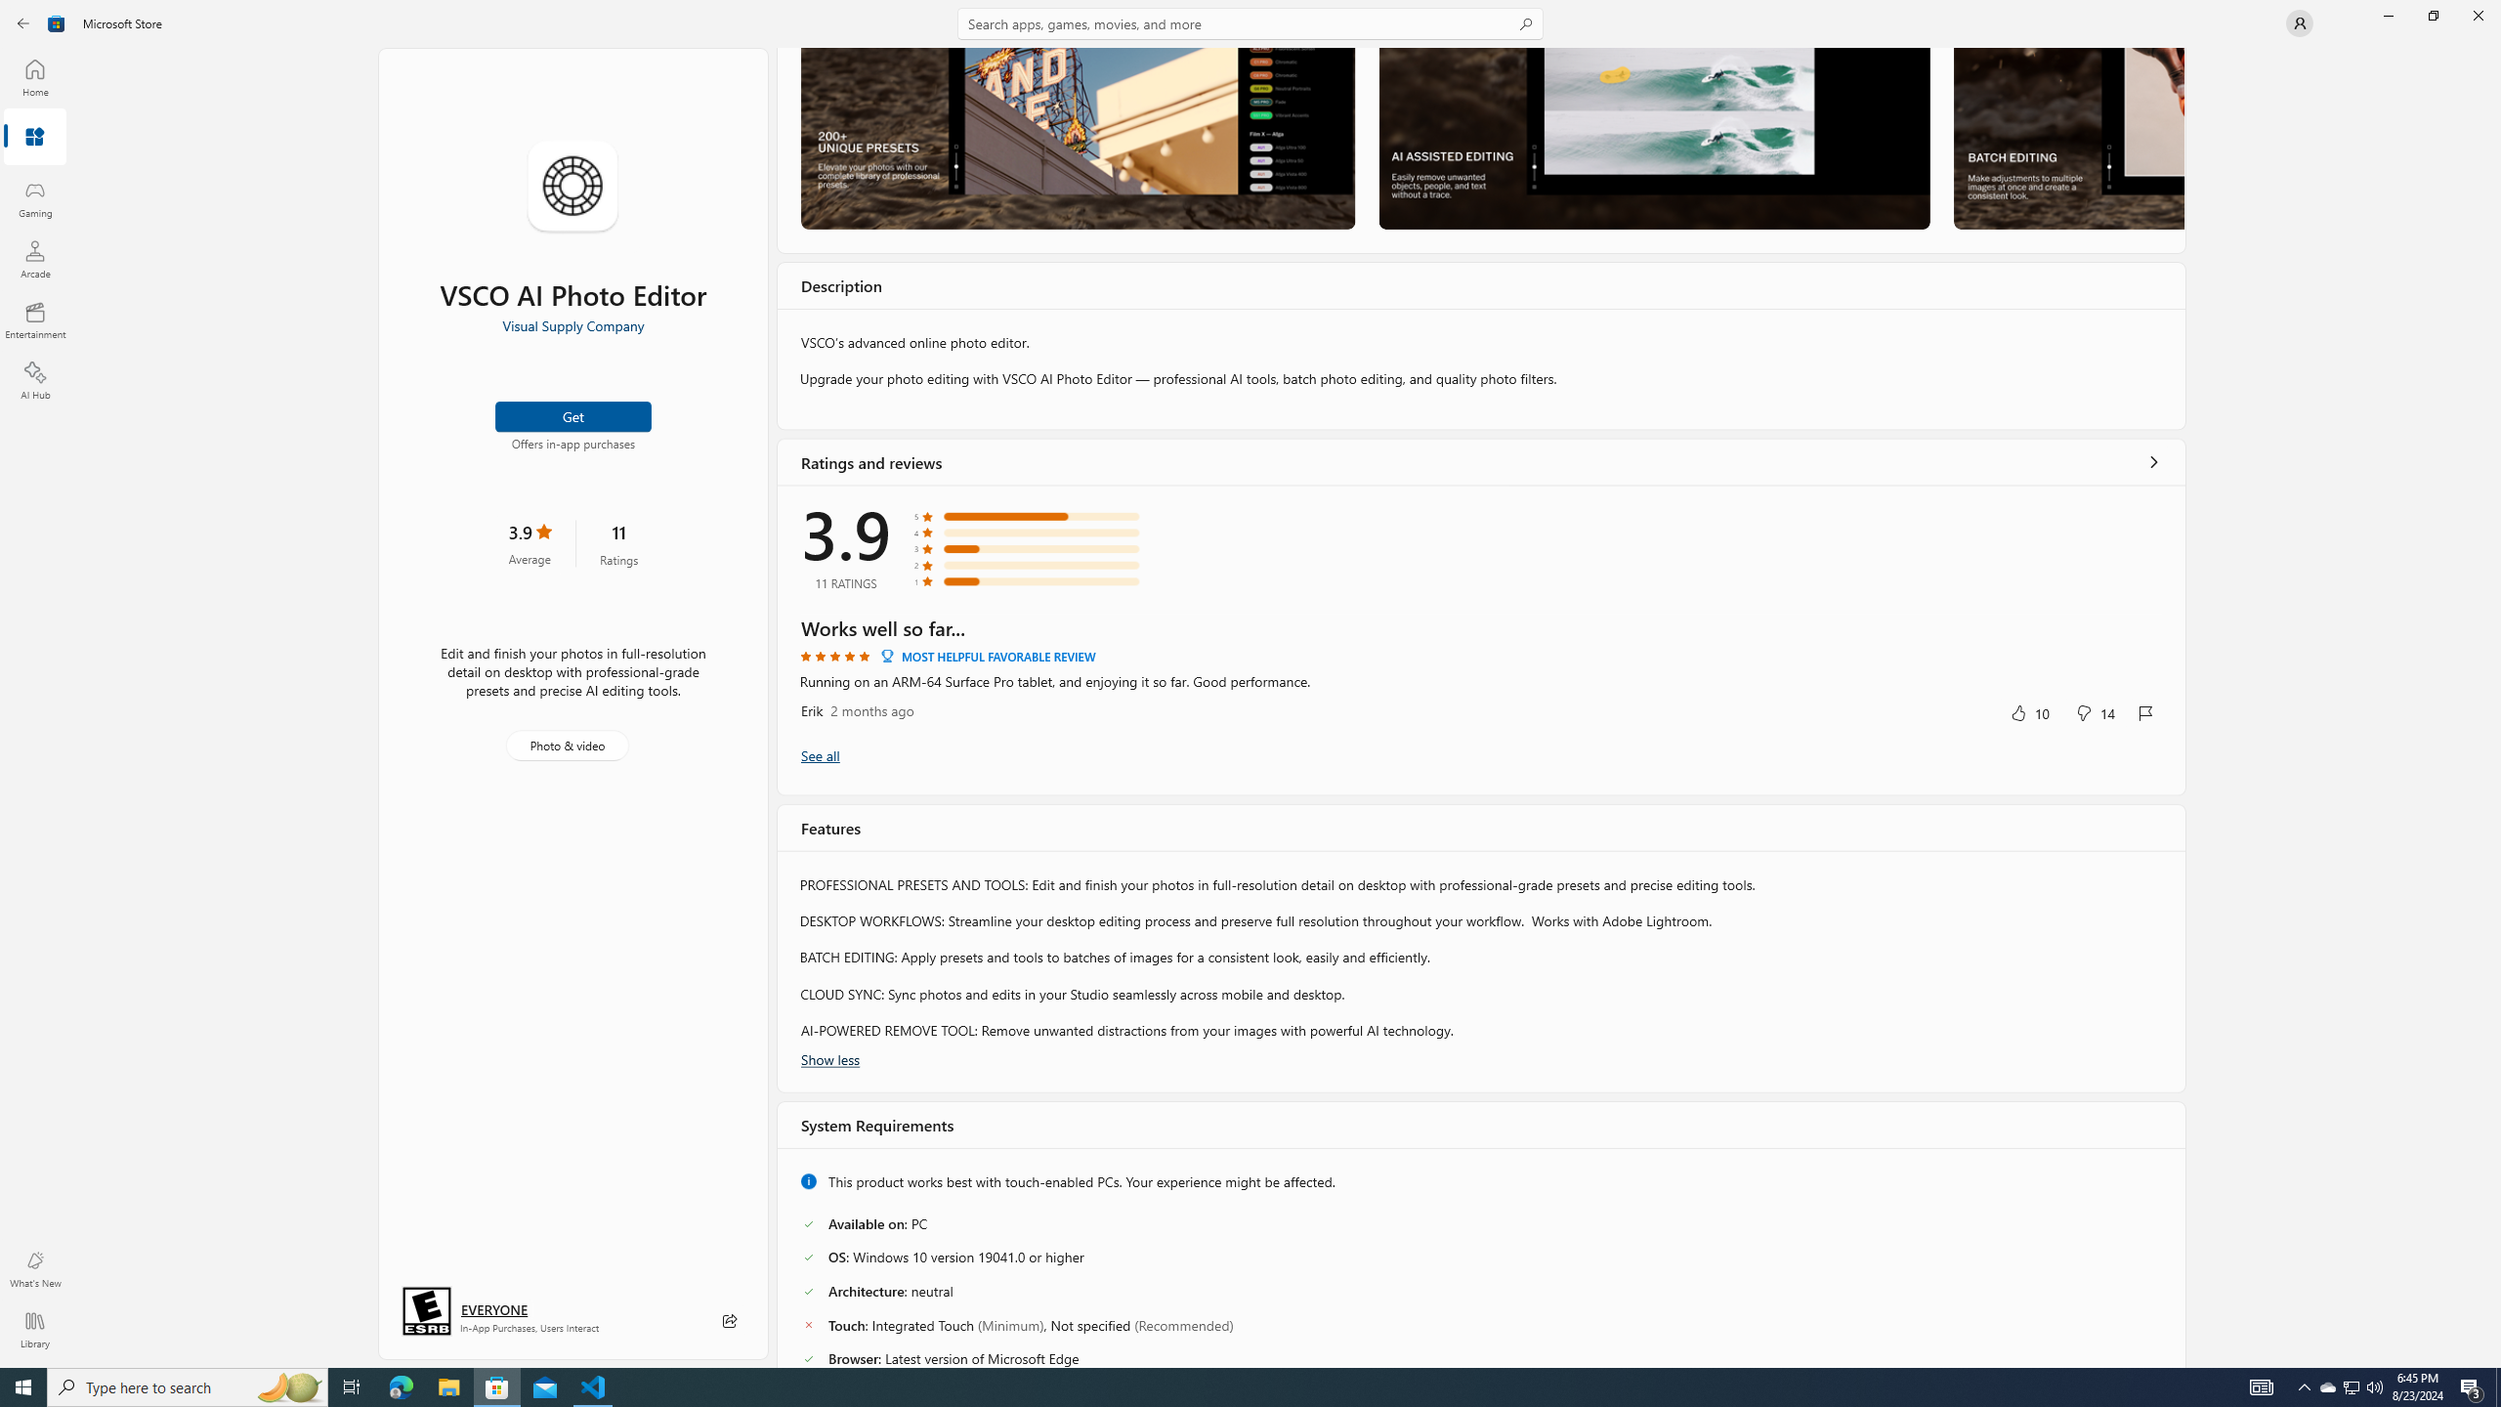 This screenshot has width=2501, height=1407. What do you see at coordinates (1652, 138) in the screenshot?
I see `'Screenshot 2'` at bounding box center [1652, 138].